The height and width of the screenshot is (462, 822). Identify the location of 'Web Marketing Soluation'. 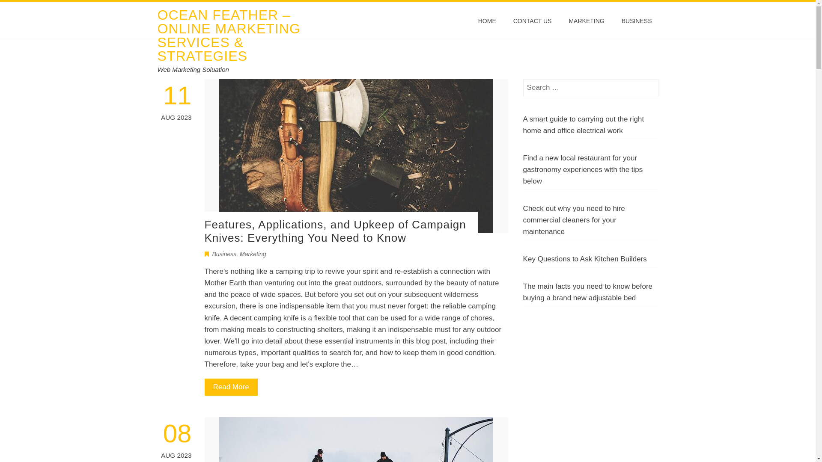
(193, 69).